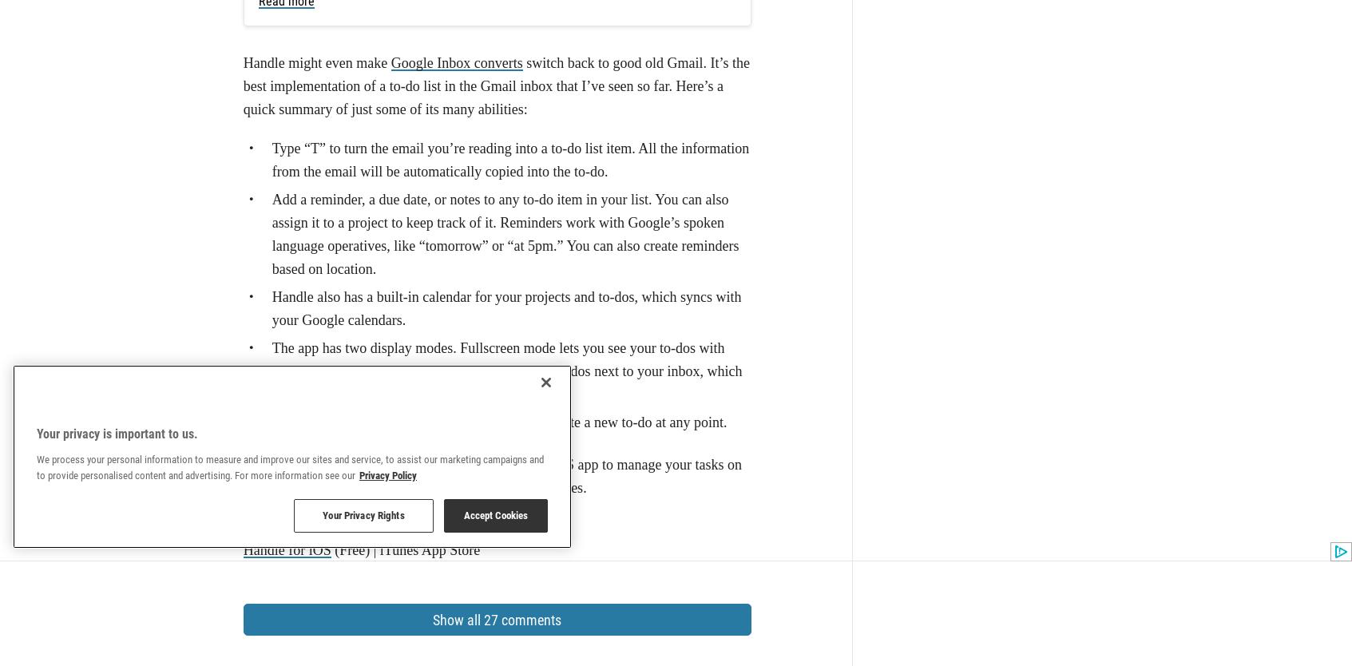 This screenshot has width=1352, height=666. Describe the element at coordinates (242, 167) in the screenshot. I see `'Handle'` at that location.